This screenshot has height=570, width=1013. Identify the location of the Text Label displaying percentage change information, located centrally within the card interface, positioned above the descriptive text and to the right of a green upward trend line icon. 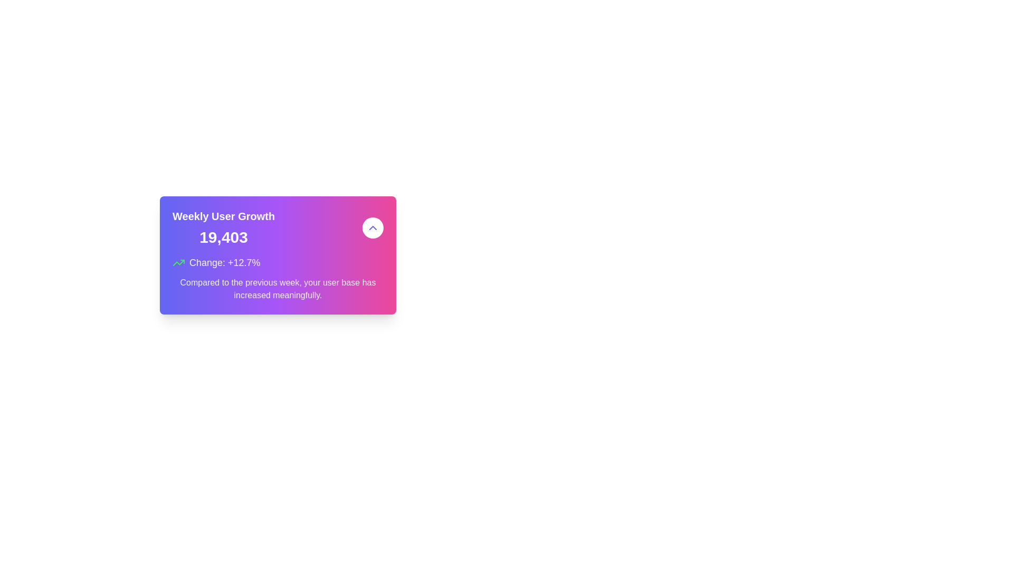
(224, 262).